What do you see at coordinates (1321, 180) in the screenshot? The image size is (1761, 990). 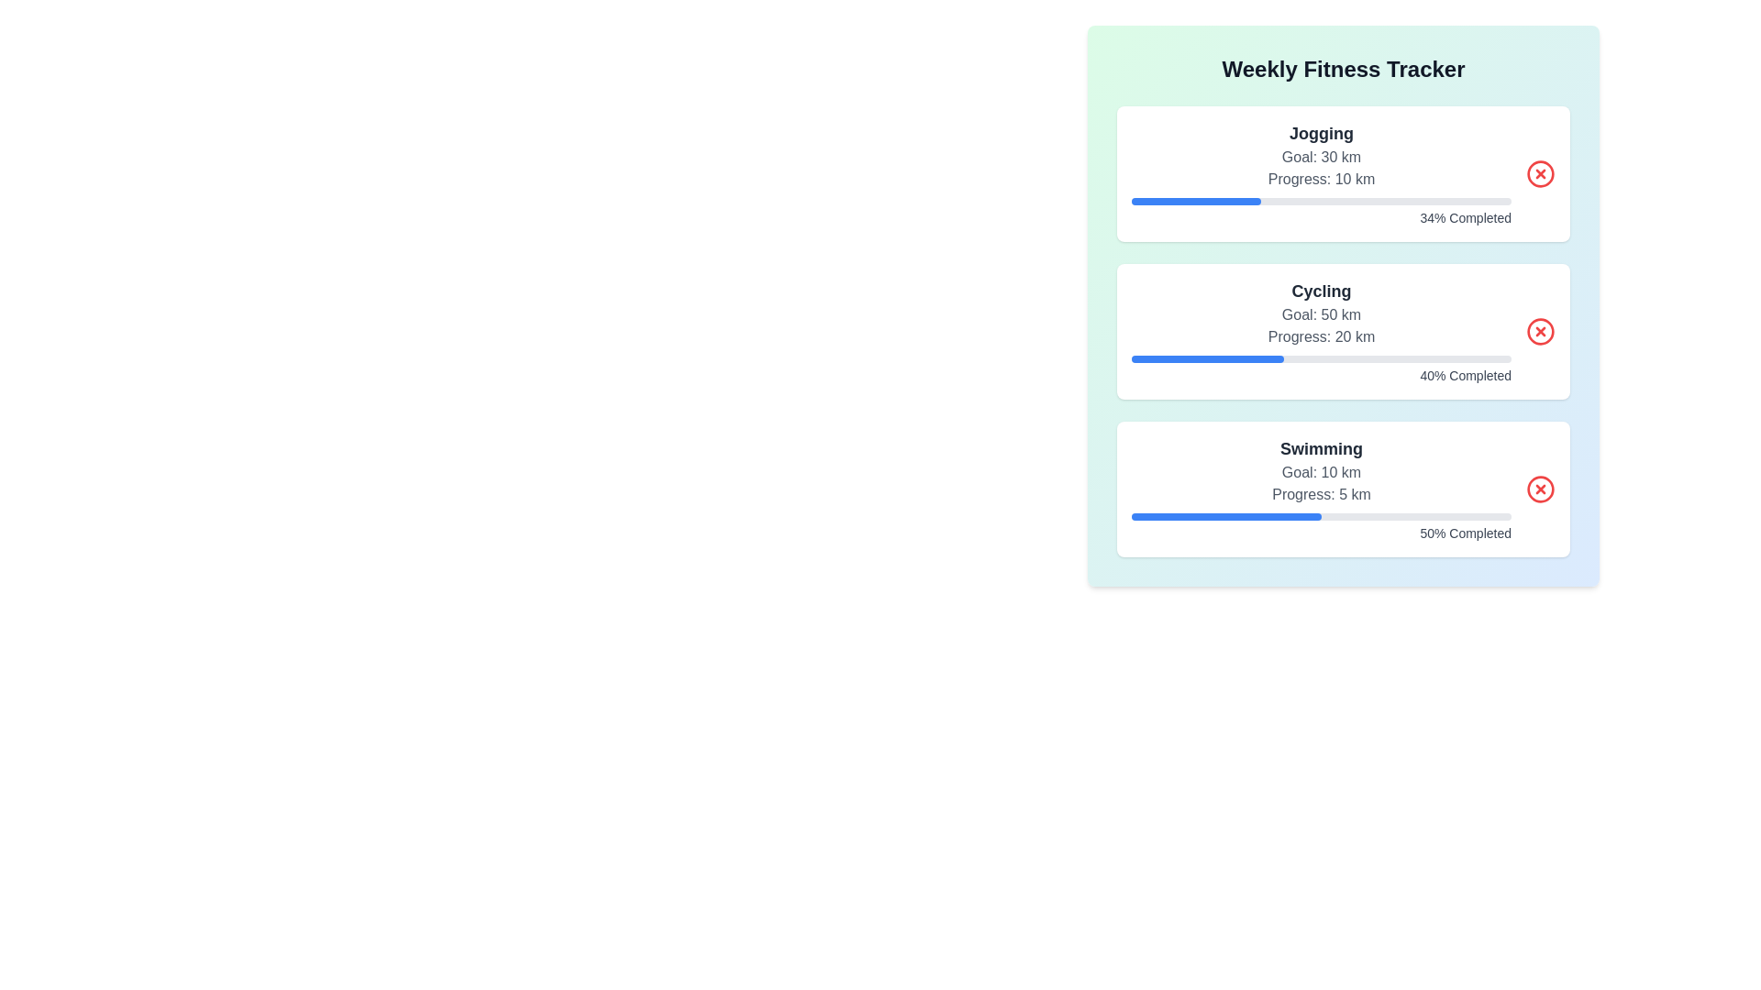 I see `the text label displaying 'Progress: 10 km', which is styled in gray and positioned above the progress bar within the jogging progress tracking card` at bounding box center [1321, 180].